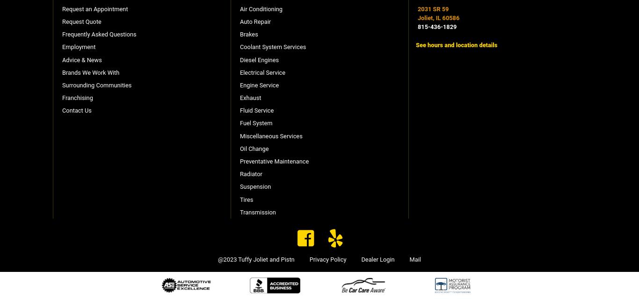 Image resolution: width=639 pixels, height=299 pixels. What do you see at coordinates (257, 211) in the screenshot?
I see `'Transmission'` at bounding box center [257, 211].